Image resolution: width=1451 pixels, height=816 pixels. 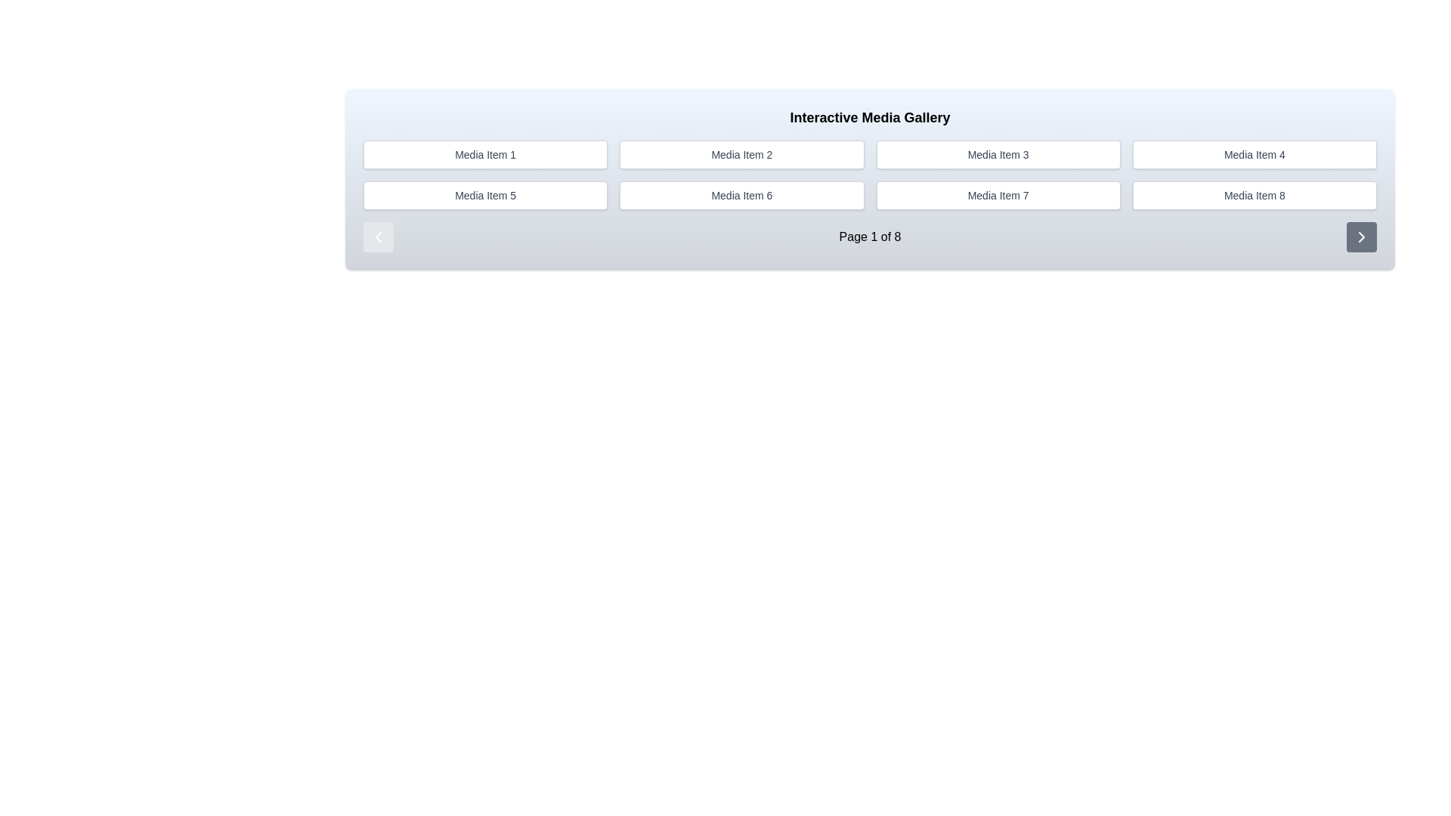 I want to click on the text label or information card that reads 'Media Item 7', which is the seventh item in a grid layout of media items, located in the second row and third column of a 4-column grid, so click(x=998, y=194).